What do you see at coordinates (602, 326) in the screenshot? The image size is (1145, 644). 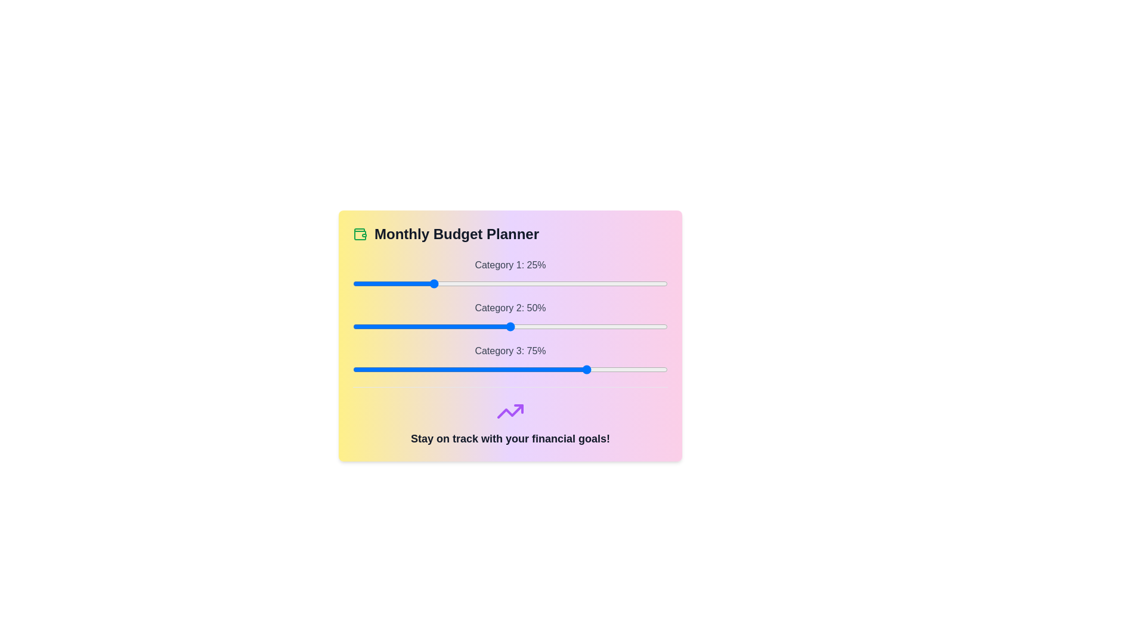 I see `the slider for Category 2 to 79%` at bounding box center [602, 326].